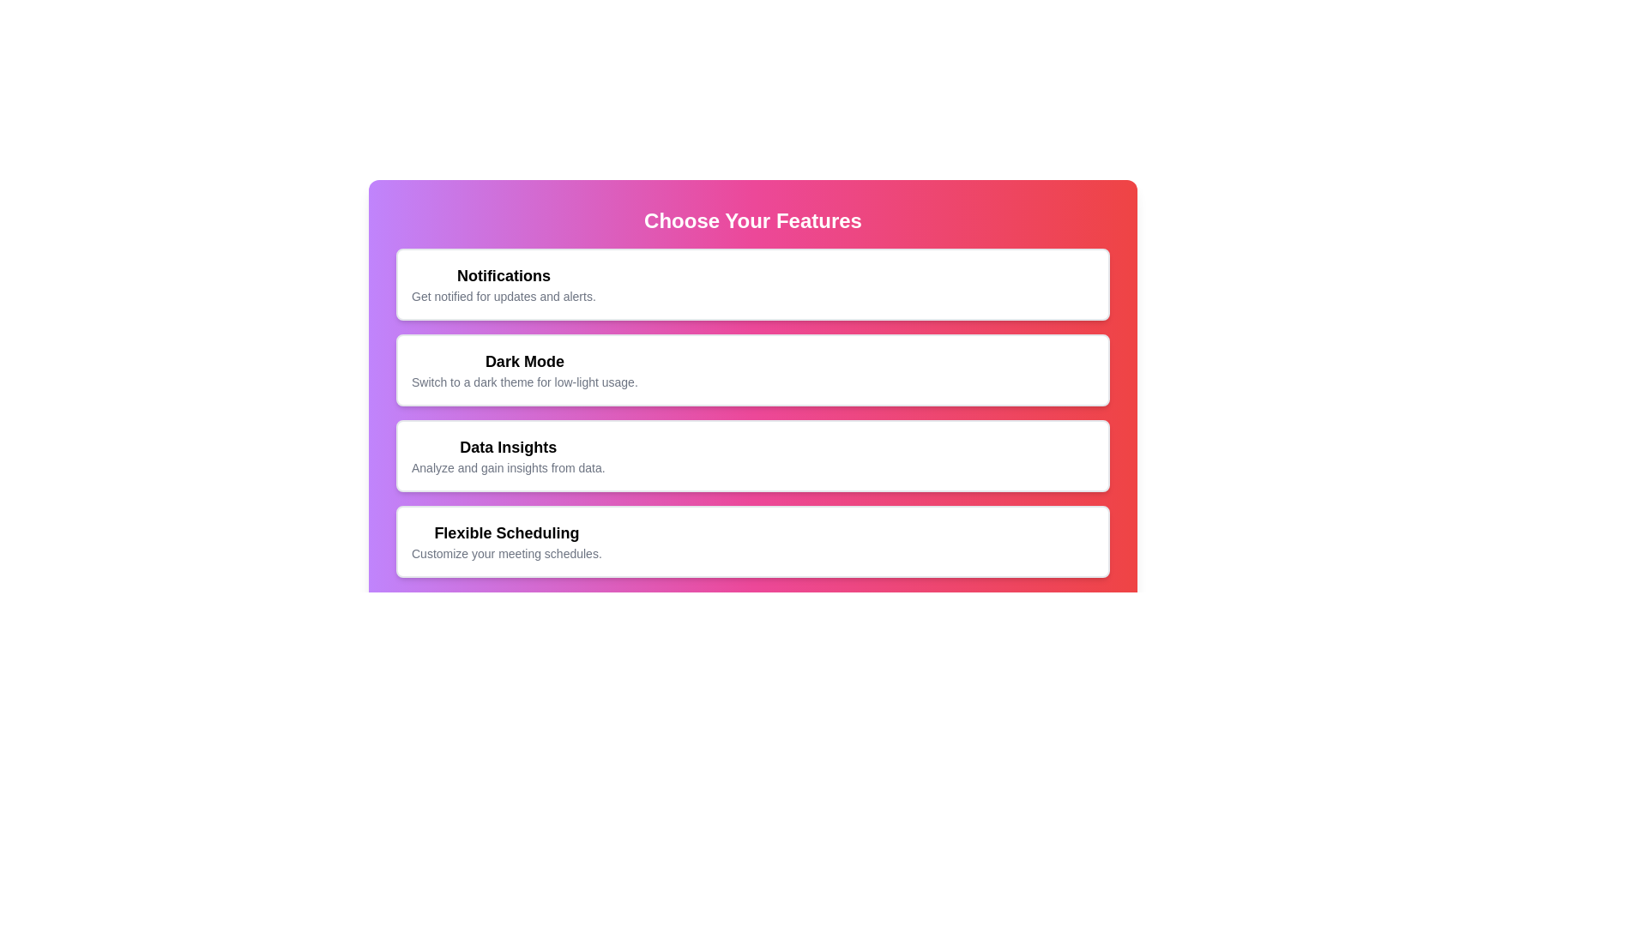 This screenshot has height=926, width=1647. I want to click on the Text Label that serves as the header for the group of features, located at the topmost section of the rectangular card layout, so click(753, 220).